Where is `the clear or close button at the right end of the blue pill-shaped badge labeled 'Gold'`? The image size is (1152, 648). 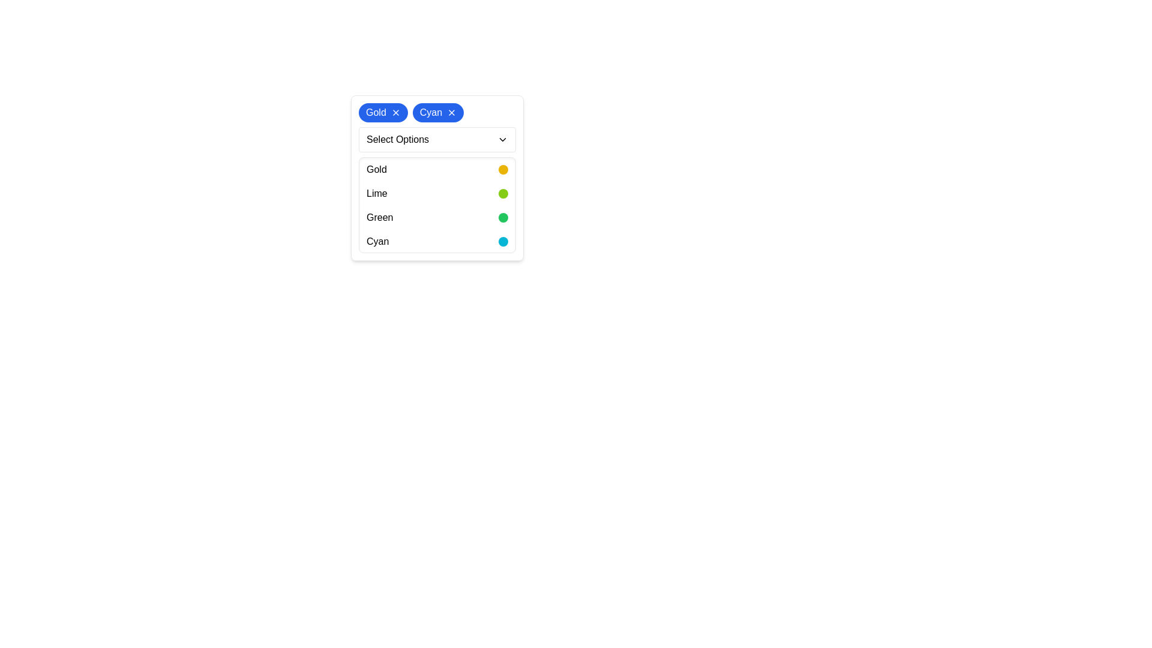 the clear or close button at the right end of the blue pill-shaped badge labeled 'Gold' is located at coordinates (395, 113).